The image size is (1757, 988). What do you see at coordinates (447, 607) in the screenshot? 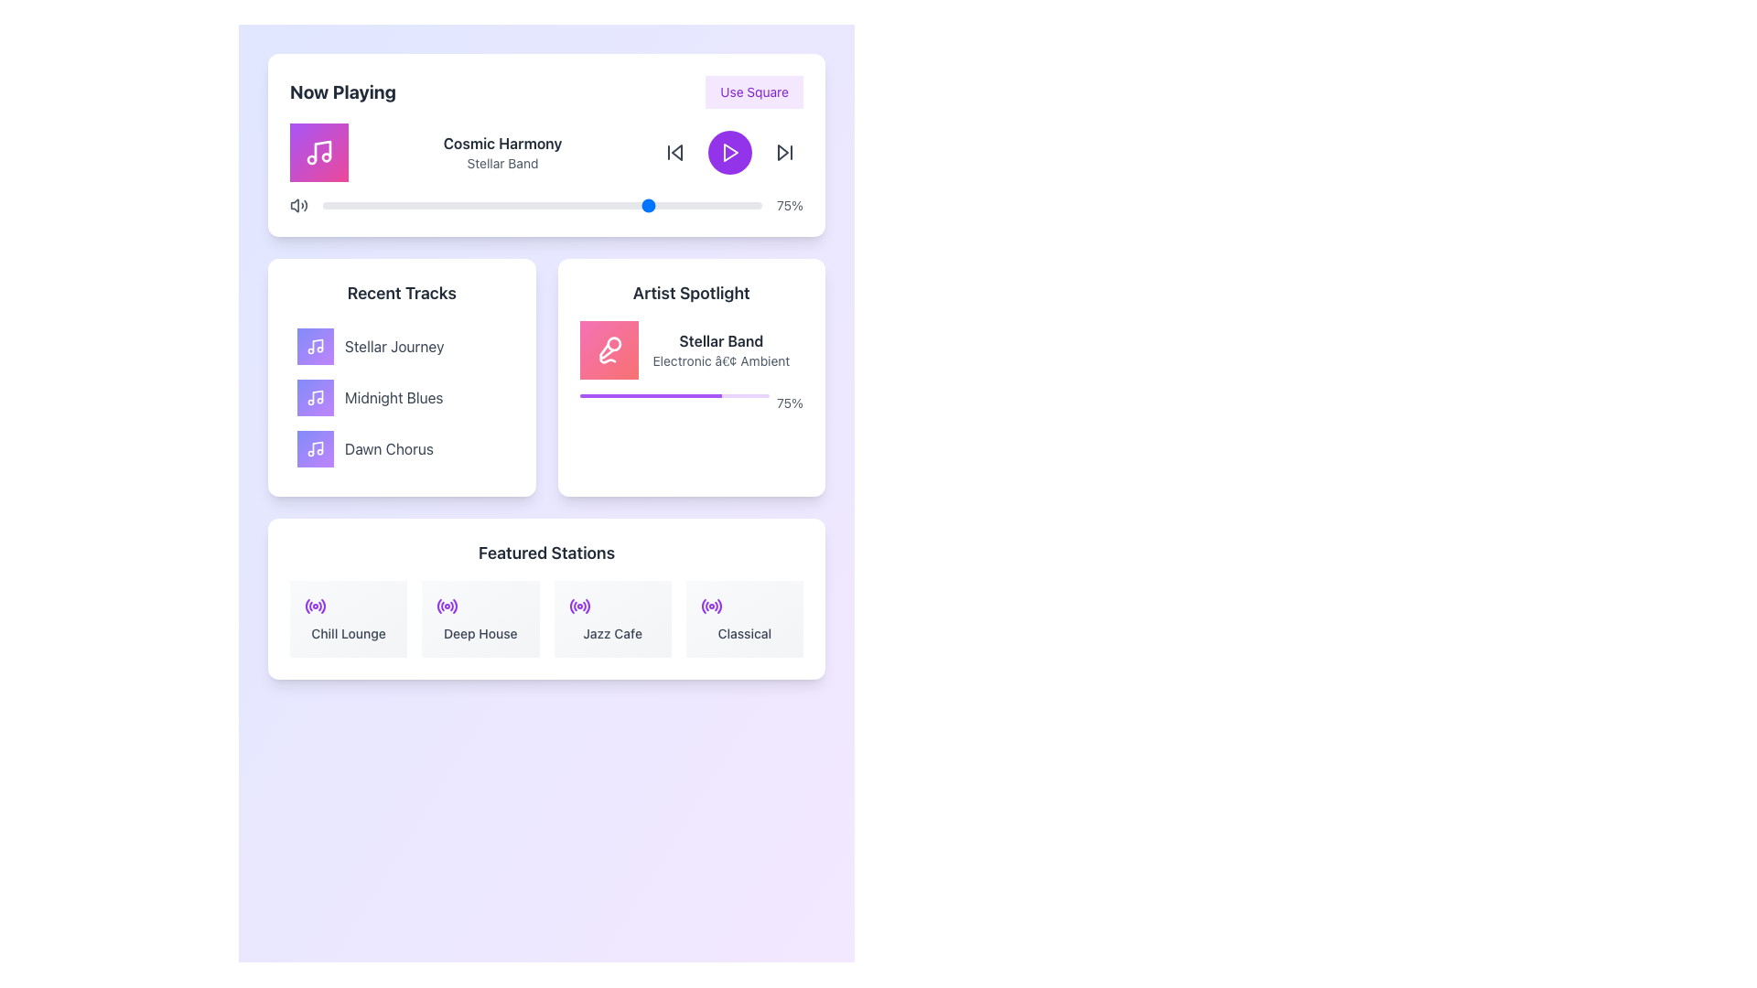
I see `the visual indicator icon for the 'Deep House' station, located at the top of the 'Deep House' section in the 'Featured Stations' area, above the descriptive label 'Deep House'` at bounding box center [447, 607].